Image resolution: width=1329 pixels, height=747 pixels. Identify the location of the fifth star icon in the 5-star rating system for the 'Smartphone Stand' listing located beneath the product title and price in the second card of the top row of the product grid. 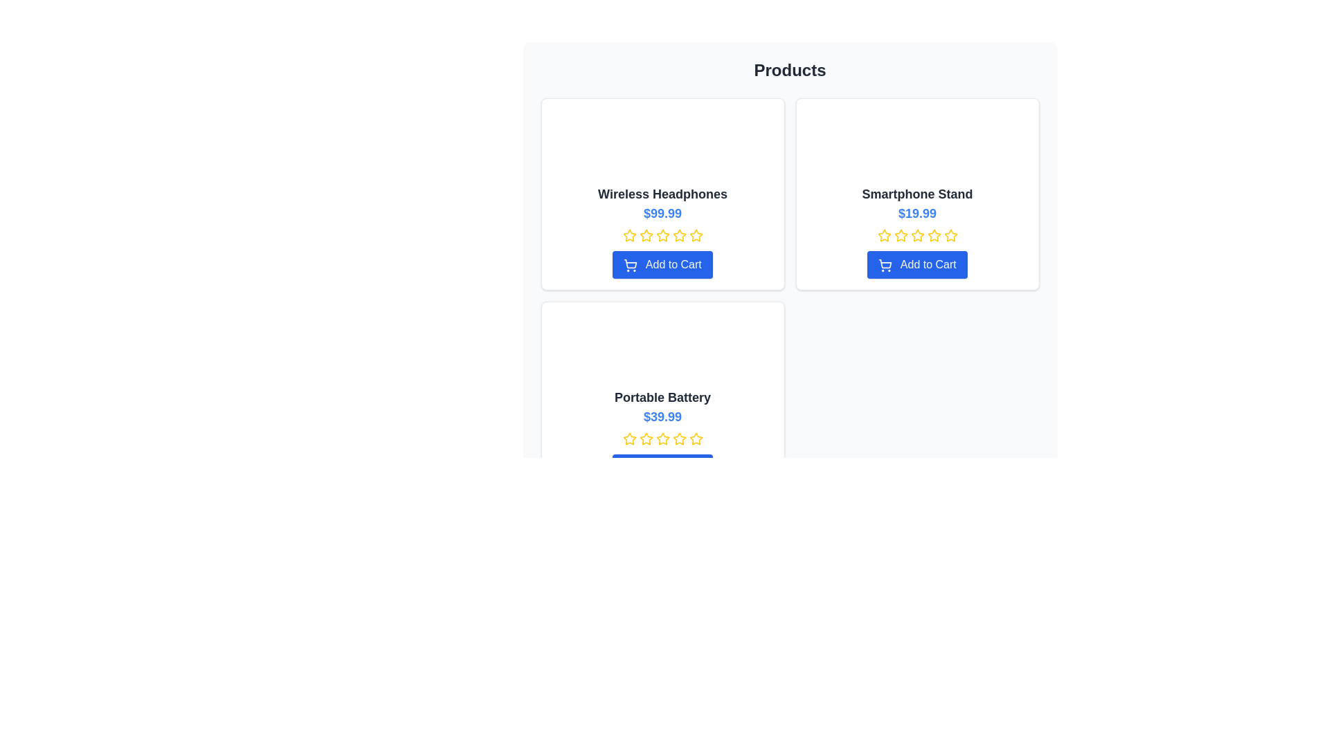
(950, 234).